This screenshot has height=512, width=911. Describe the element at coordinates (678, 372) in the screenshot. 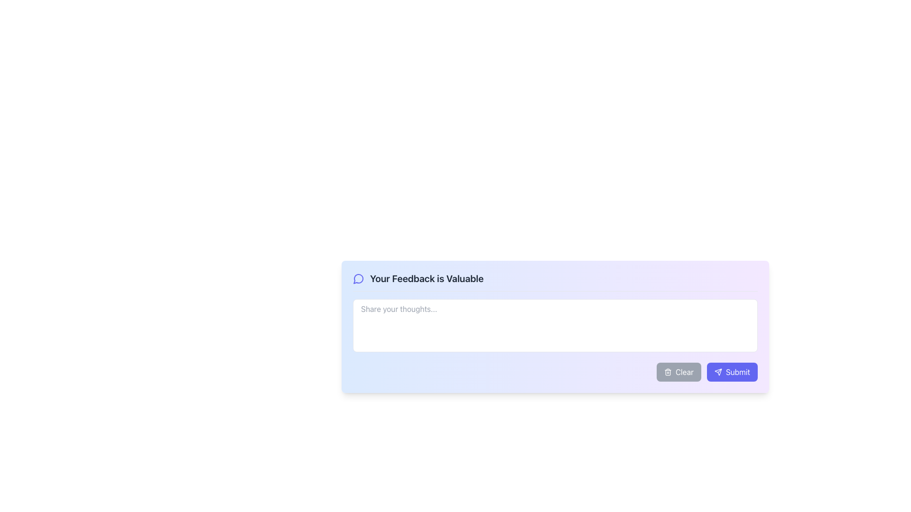

I see `the 'Clear' button with a trash can icon, located in the bottom-right section of the interface, to change its background color` at that location.